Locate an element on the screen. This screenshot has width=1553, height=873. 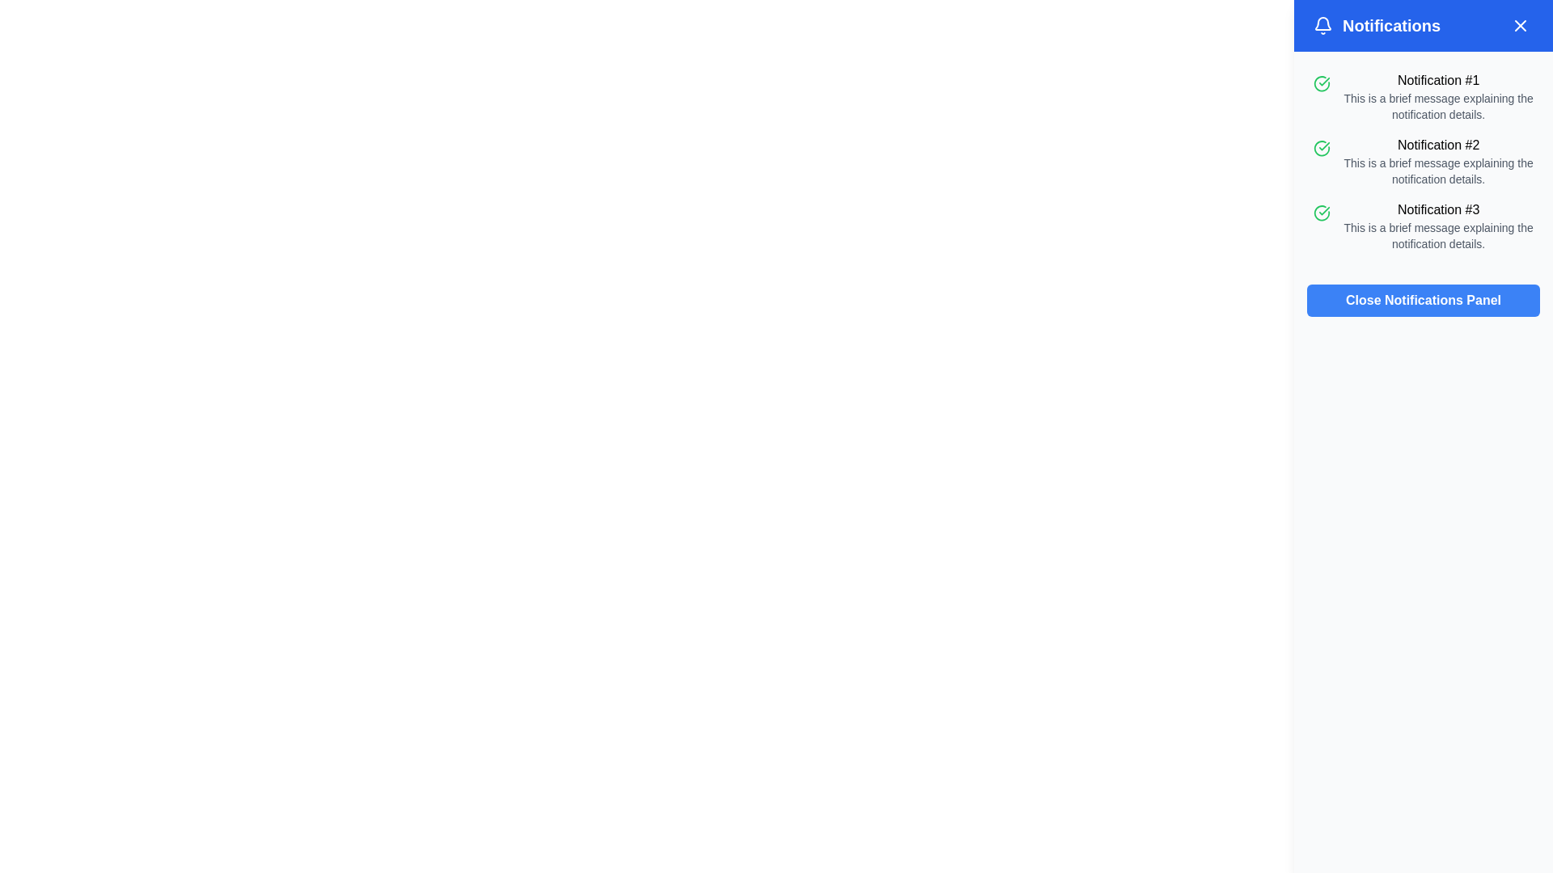
the status icon located to the left of the notification text in the third entry of the 'Notifications' panel, which indicates a completed or successful action is located at coordinates (1322, 212).